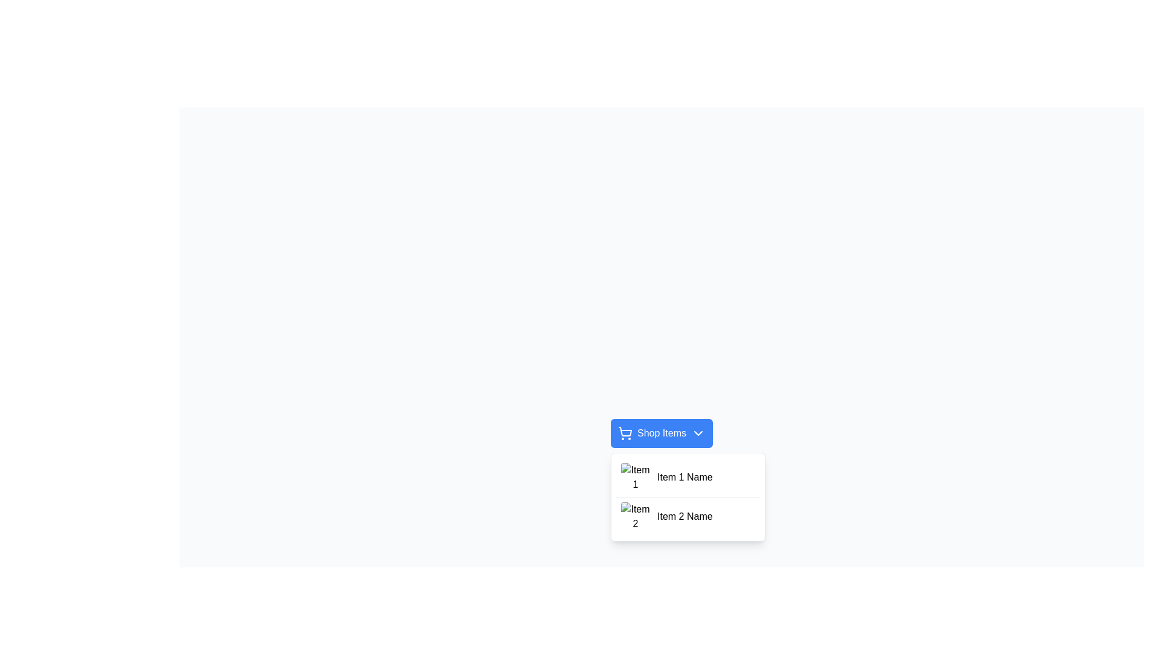 This screenshot has height=652, width=1160. Describe the element at coordinates (625, 432) in the screenshot. I see `the shopping cart icon located to the left of the 'Shop Items' button, which serves as a visual representation for shopping-related actions` at that location.